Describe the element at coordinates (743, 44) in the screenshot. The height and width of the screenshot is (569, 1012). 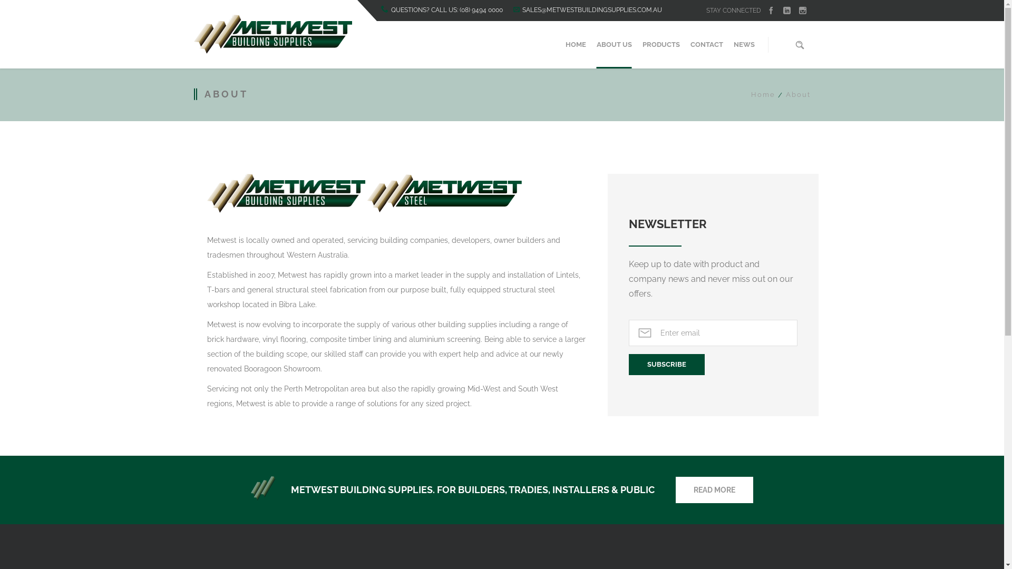
I see `'NEWS'` at that location.